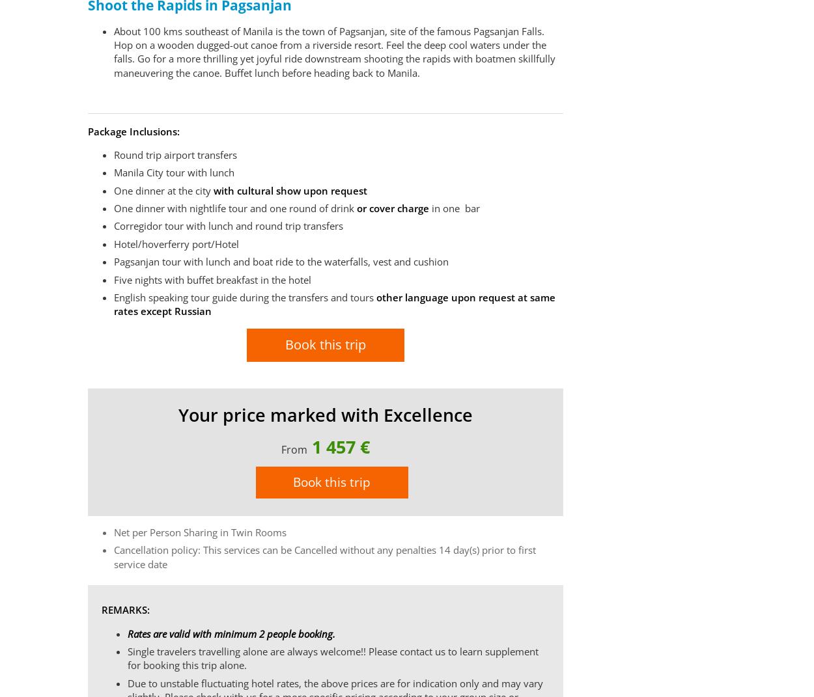  I want to click on 'From', so click(281, 449).